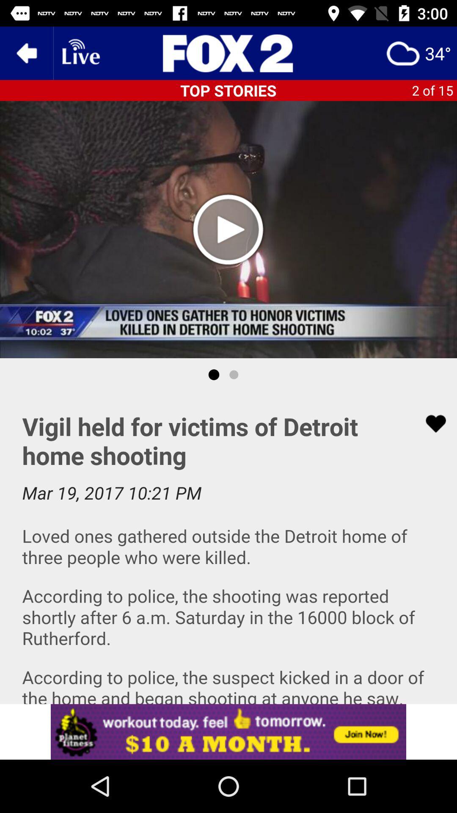 The image size is (457, 813). Describe the element at coordinates (228, 230) in the screenshot. I see `the play button which is below top stories` at that location.